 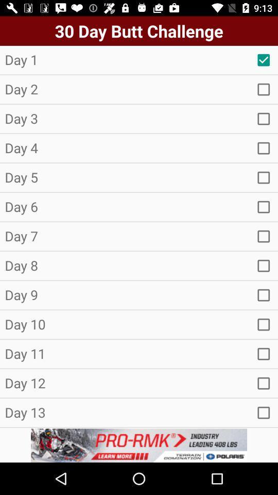 I want to click on new tap, so click(x=264, y=119).